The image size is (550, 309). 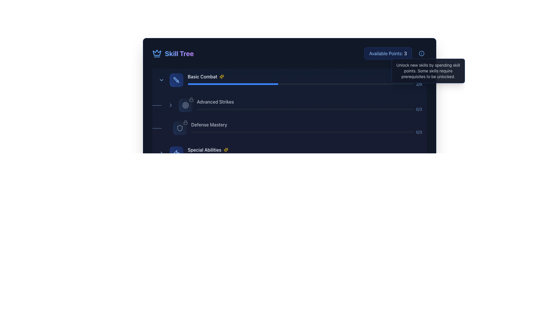 I want to click on the Text Label that identifies a particular skill or feature available in the skill tree by moving the cursor to its center, so click(x=306, y=124).